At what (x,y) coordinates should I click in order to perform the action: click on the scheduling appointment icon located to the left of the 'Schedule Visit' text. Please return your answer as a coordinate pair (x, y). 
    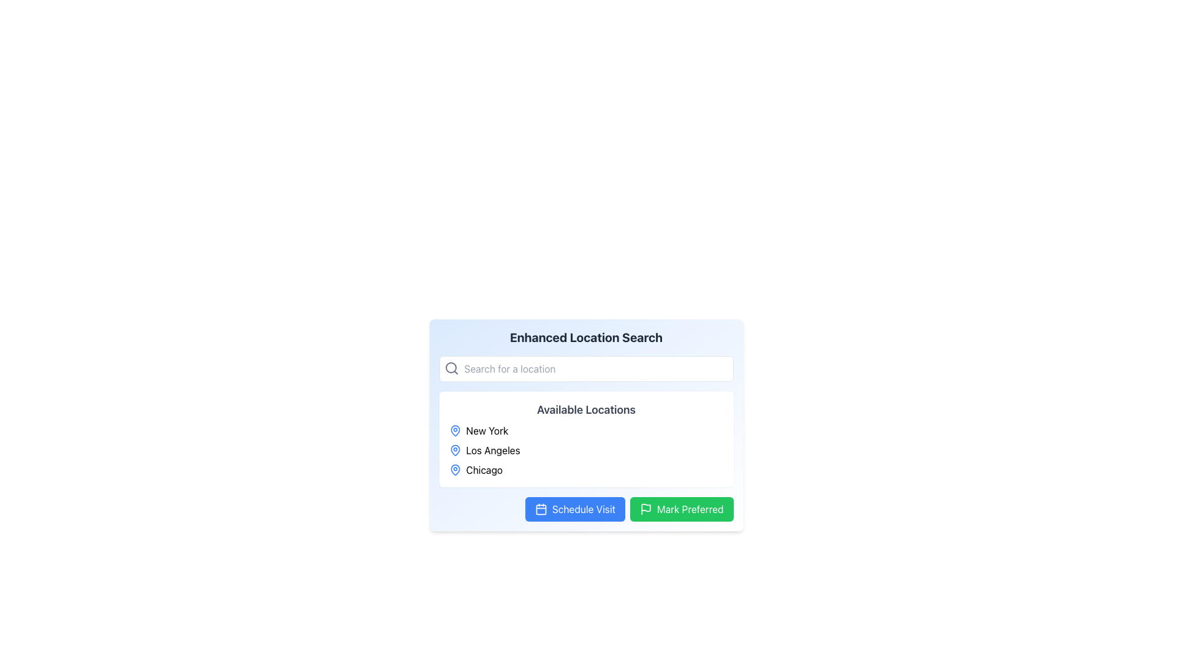
    Looking at the image, I should click on (540, 509).